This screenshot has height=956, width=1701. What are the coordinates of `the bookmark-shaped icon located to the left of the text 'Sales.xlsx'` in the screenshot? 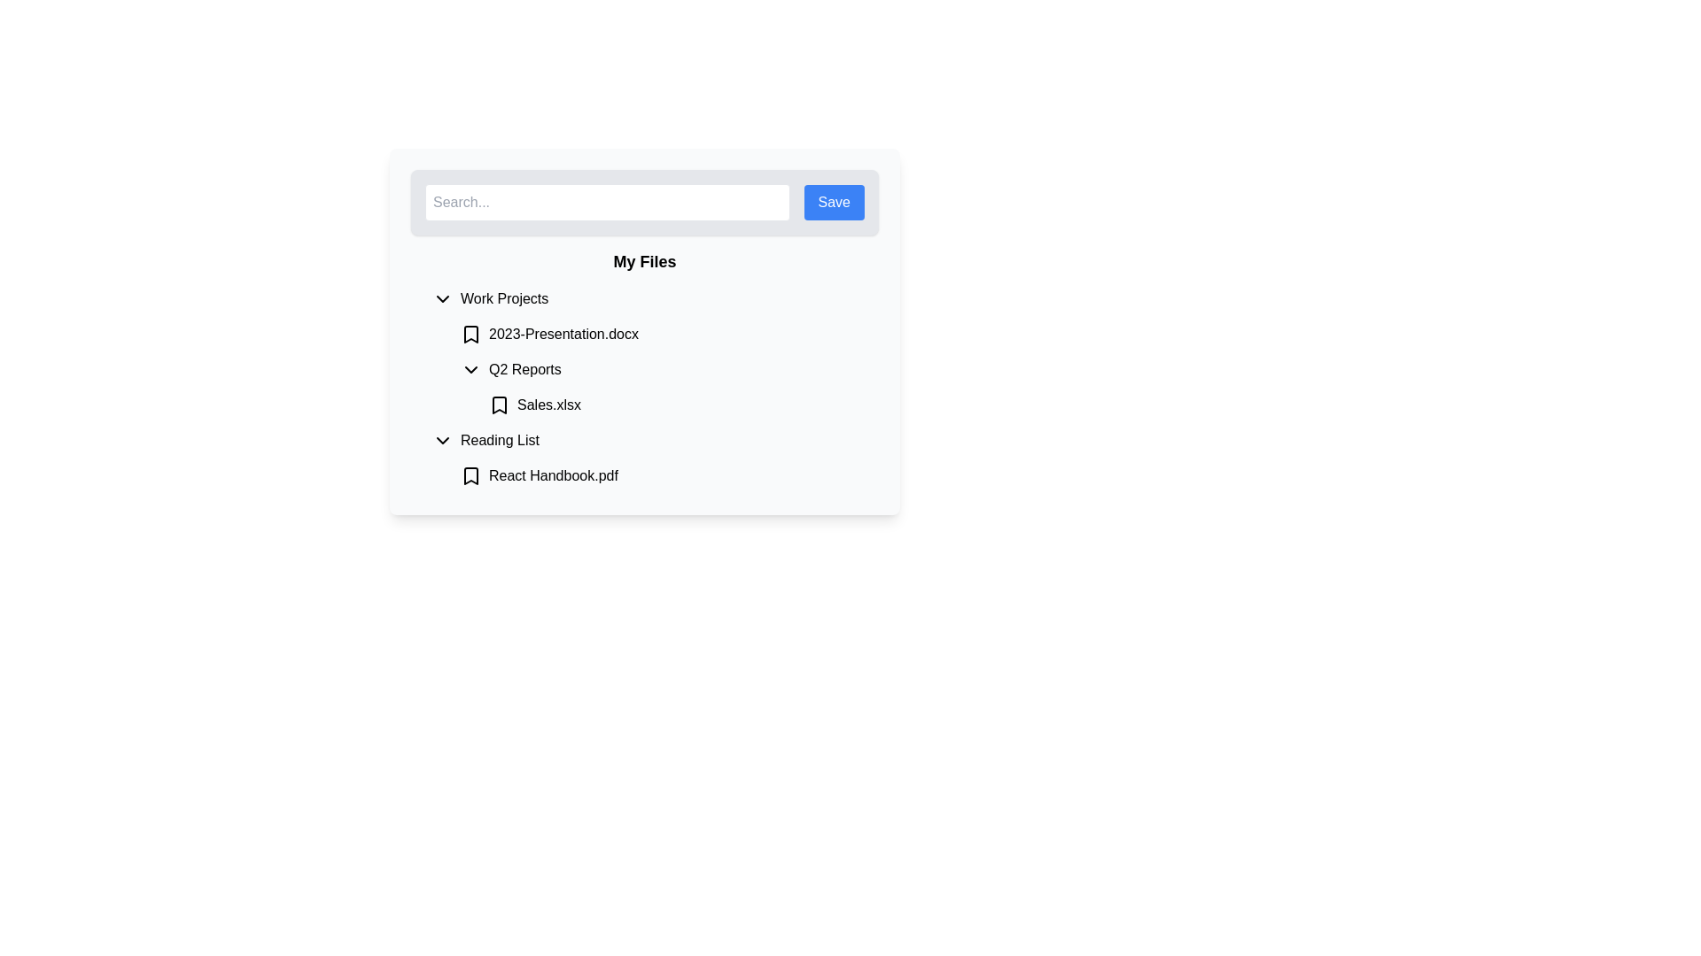 It's located at (499, 405).